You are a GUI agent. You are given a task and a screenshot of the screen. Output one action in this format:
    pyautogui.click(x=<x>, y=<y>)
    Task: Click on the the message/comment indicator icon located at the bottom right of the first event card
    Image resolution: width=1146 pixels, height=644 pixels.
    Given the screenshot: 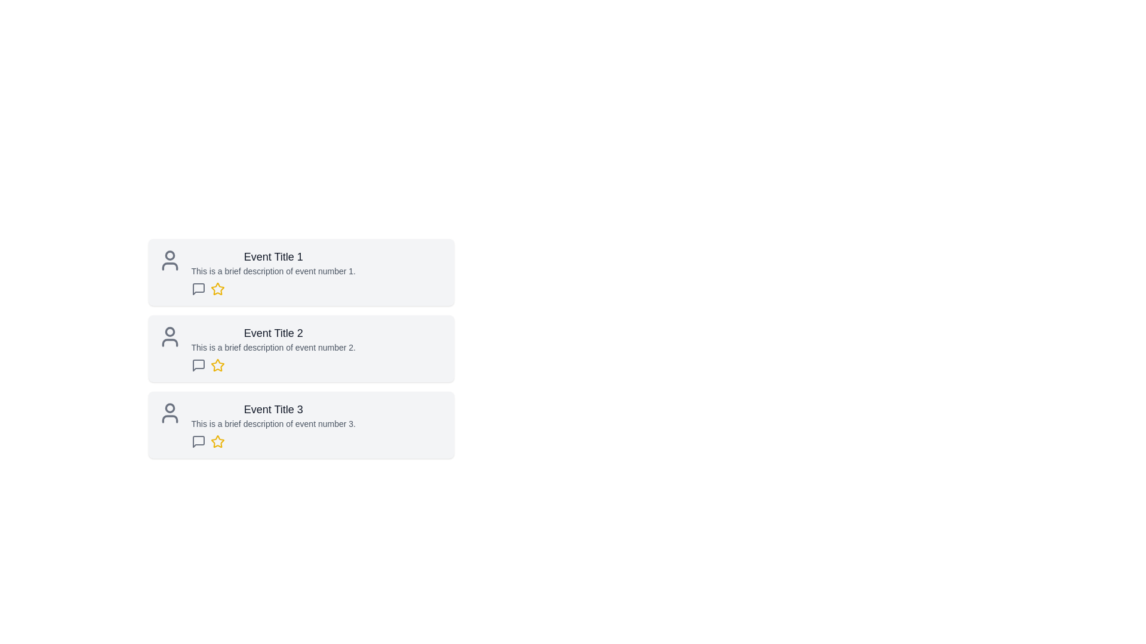 What is the action you would take?
    pyautogui.click(x=198, y=289)
    